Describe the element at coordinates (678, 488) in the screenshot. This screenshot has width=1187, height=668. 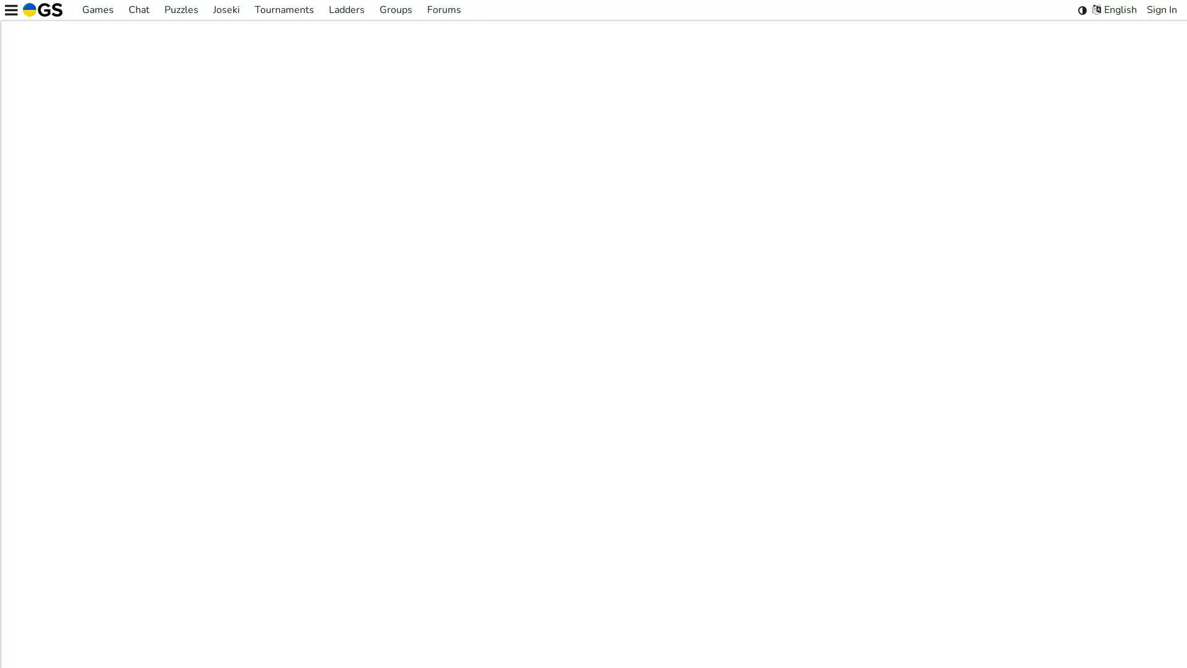
I see `Unranked` at that location.